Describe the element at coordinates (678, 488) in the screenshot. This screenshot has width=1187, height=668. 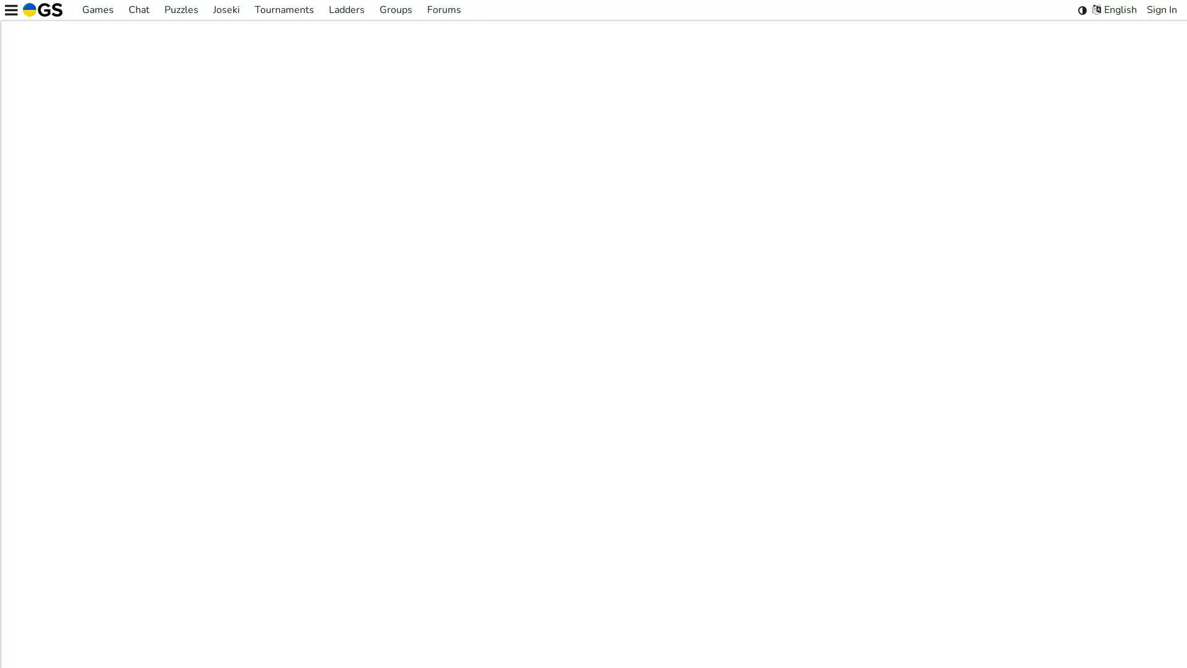
I see `Unranked` at that location.